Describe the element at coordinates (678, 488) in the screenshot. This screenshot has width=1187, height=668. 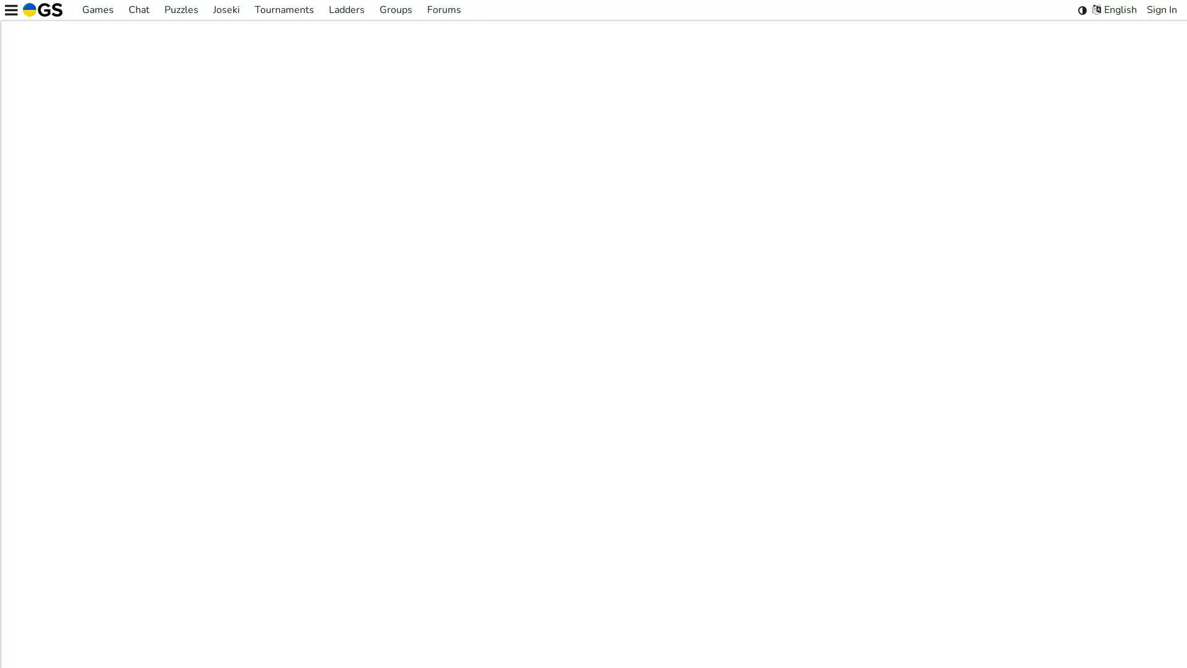
I see `Unranked` at that location.